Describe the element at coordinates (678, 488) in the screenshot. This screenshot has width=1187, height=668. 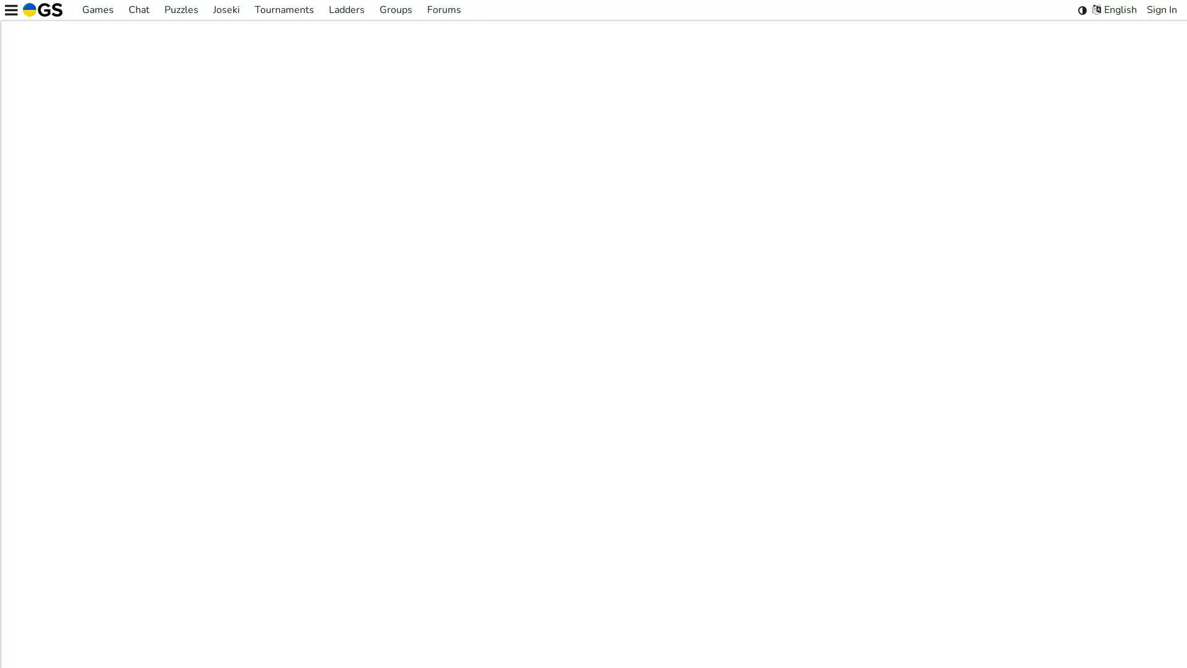
I see `Unranked` at that location.